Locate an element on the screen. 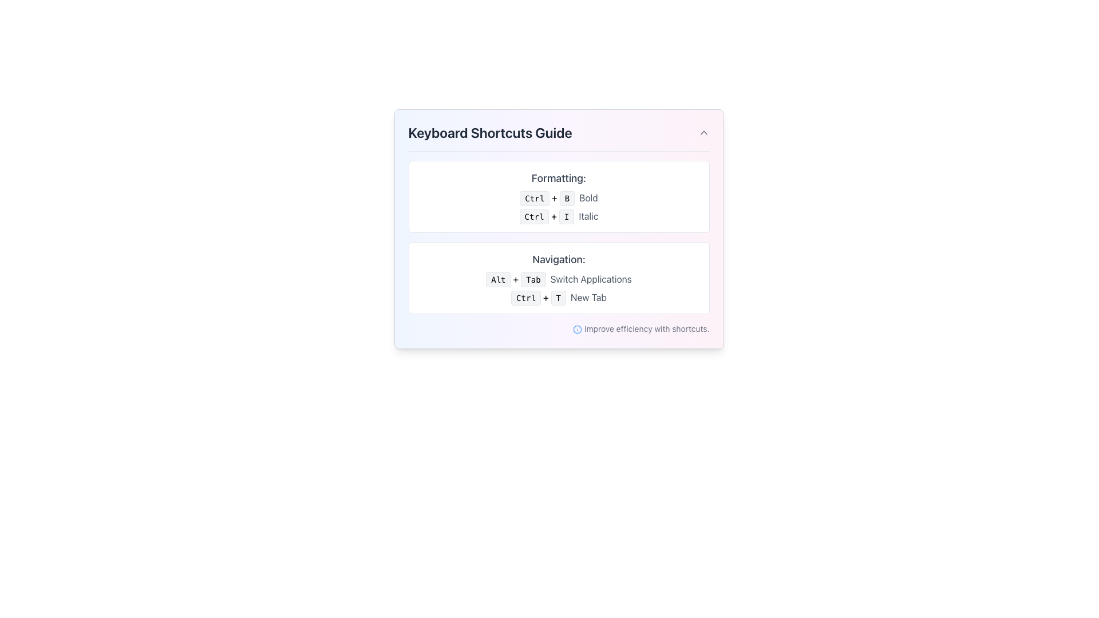 The width and height of the screenshot is (1099, 618). displayed text of the Text label representing the key 'I' in the 'Ctrl+I' shortcut for italic formatting, located in the Formatting section is located at coordinates (567, 216).